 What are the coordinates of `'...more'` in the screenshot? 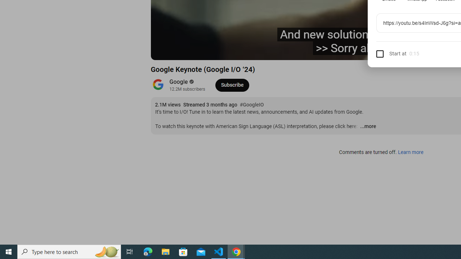 It's located at (368, 126).